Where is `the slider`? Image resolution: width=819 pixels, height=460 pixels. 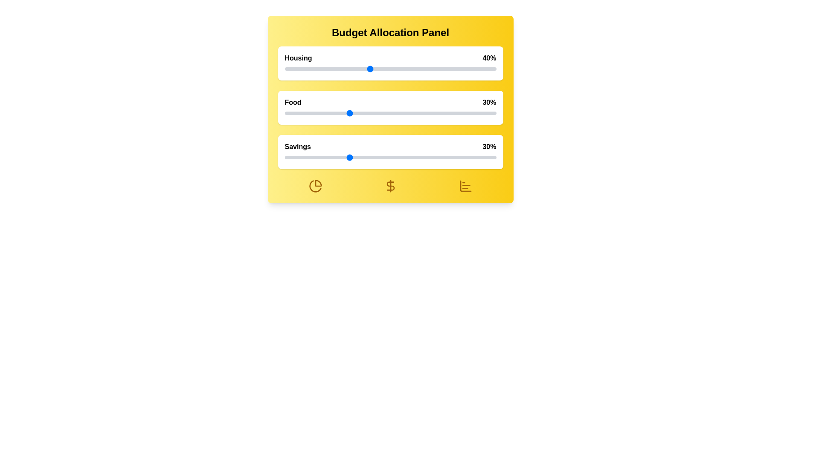
the slider is located at coordinates (418, 158).